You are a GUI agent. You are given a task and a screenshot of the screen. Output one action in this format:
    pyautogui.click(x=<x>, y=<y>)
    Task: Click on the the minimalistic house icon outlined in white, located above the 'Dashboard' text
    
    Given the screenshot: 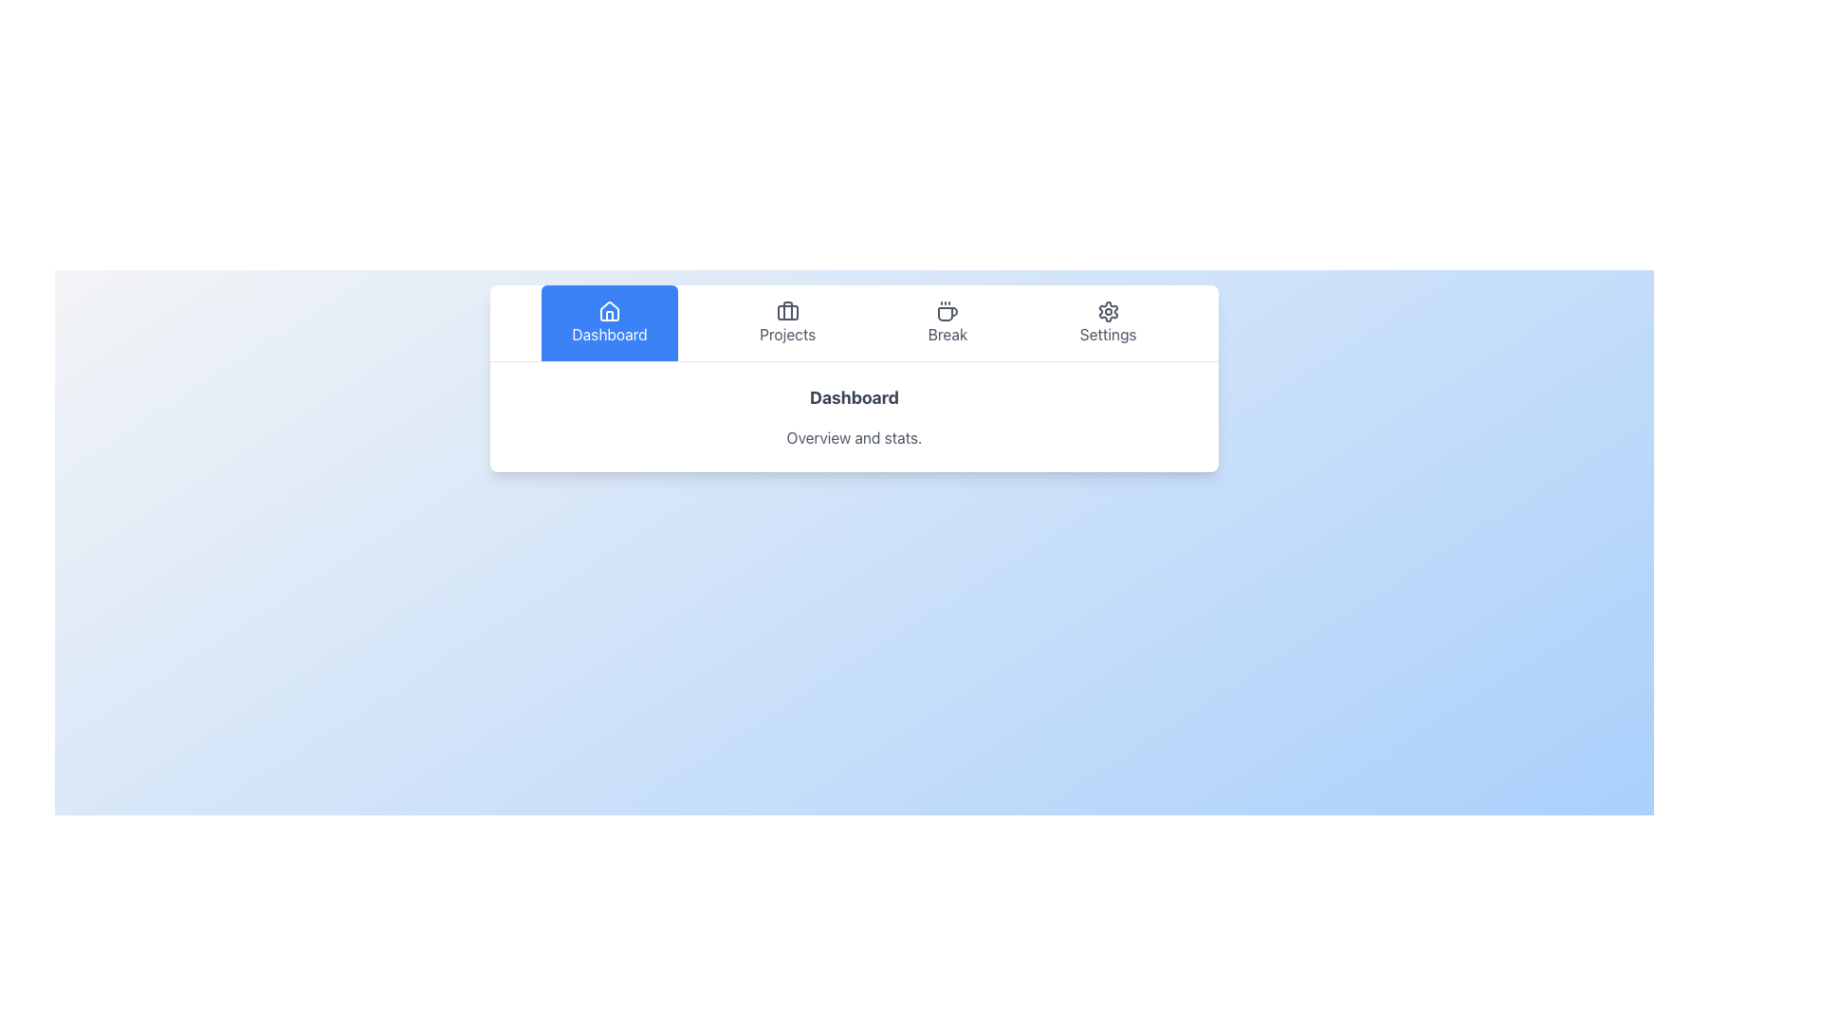 What is the action you would take?
    pyautogui.click(x=610, y=310)
    